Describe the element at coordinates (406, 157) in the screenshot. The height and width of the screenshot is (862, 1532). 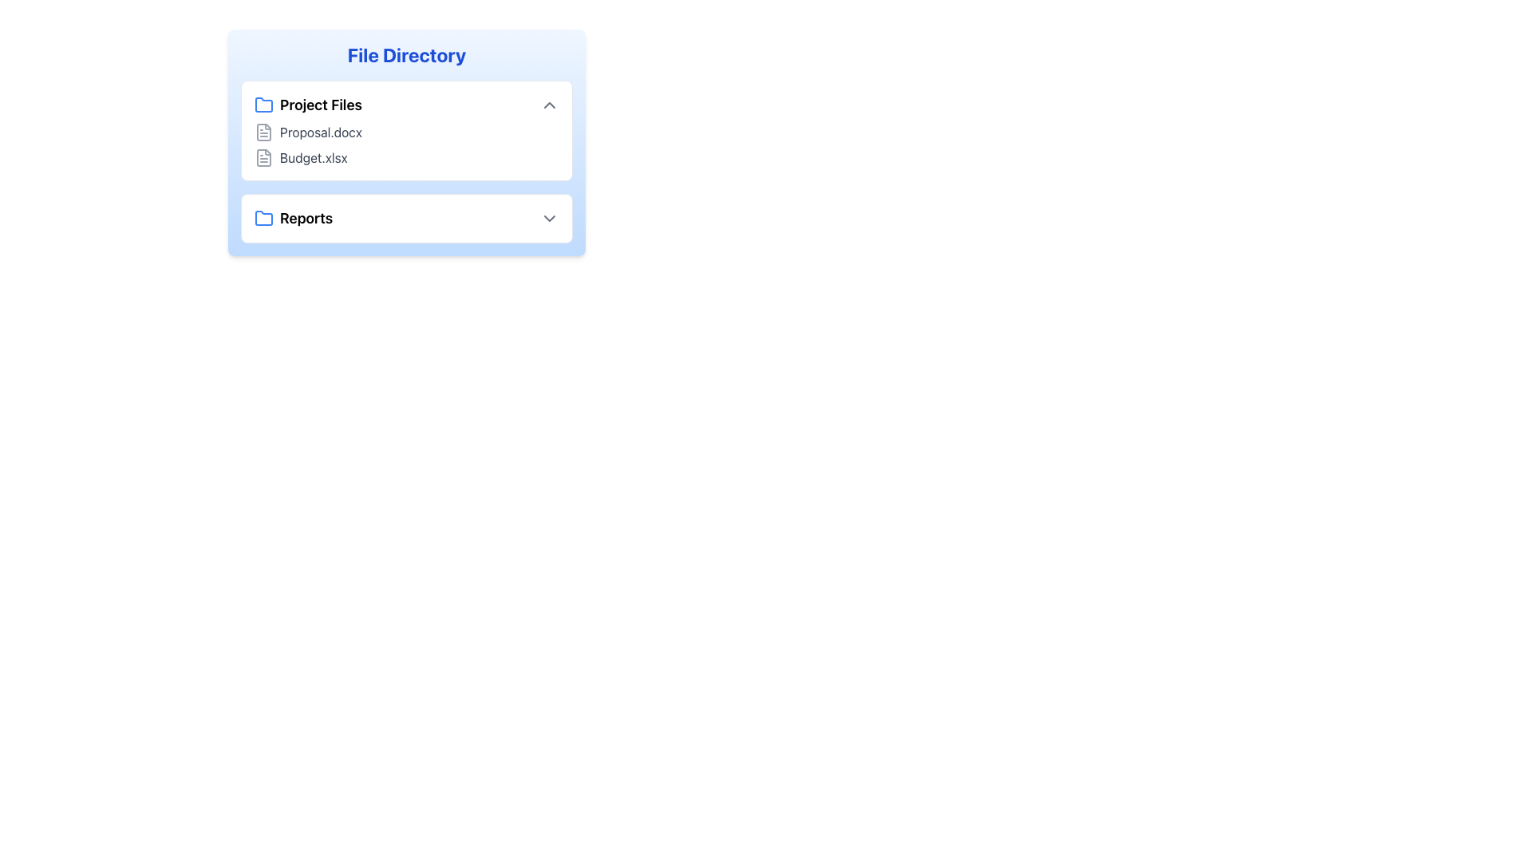
I see `the List item representing the file 'Budget.xlsx'` at that location.